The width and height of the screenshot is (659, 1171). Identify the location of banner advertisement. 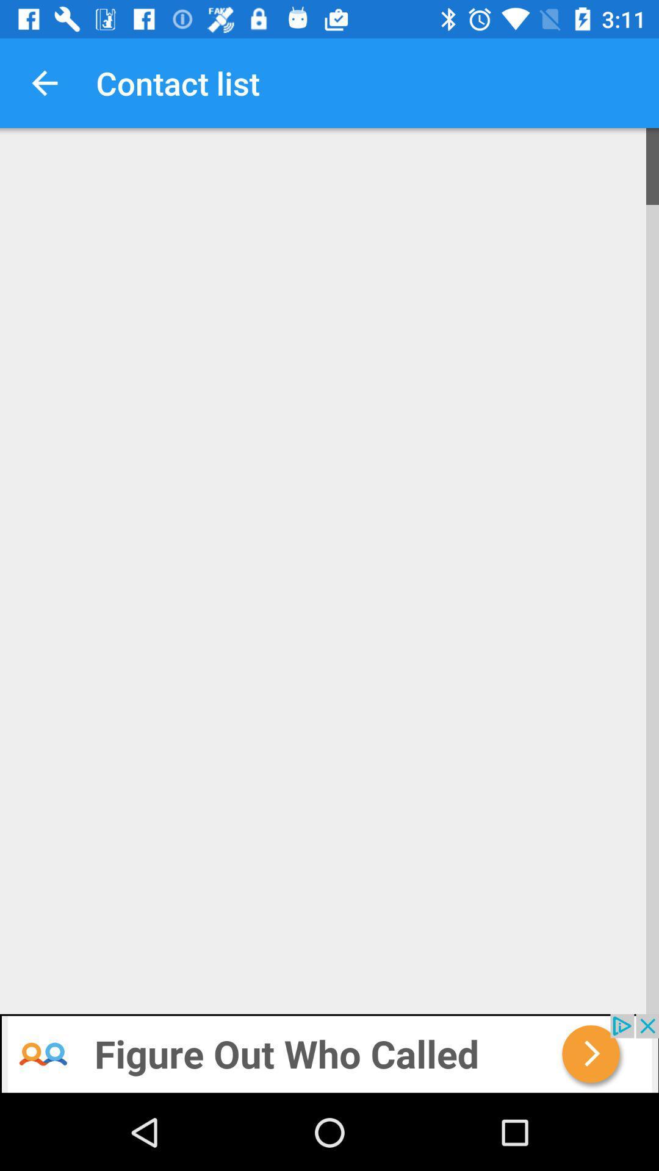
(329, 1053).